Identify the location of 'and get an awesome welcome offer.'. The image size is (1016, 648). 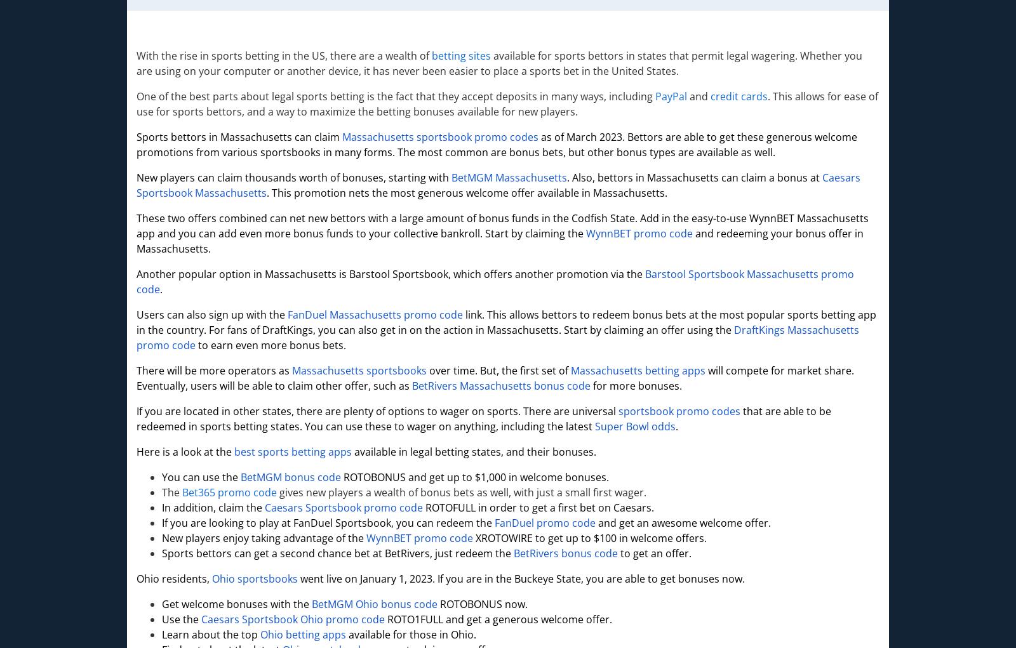
(683, 522).